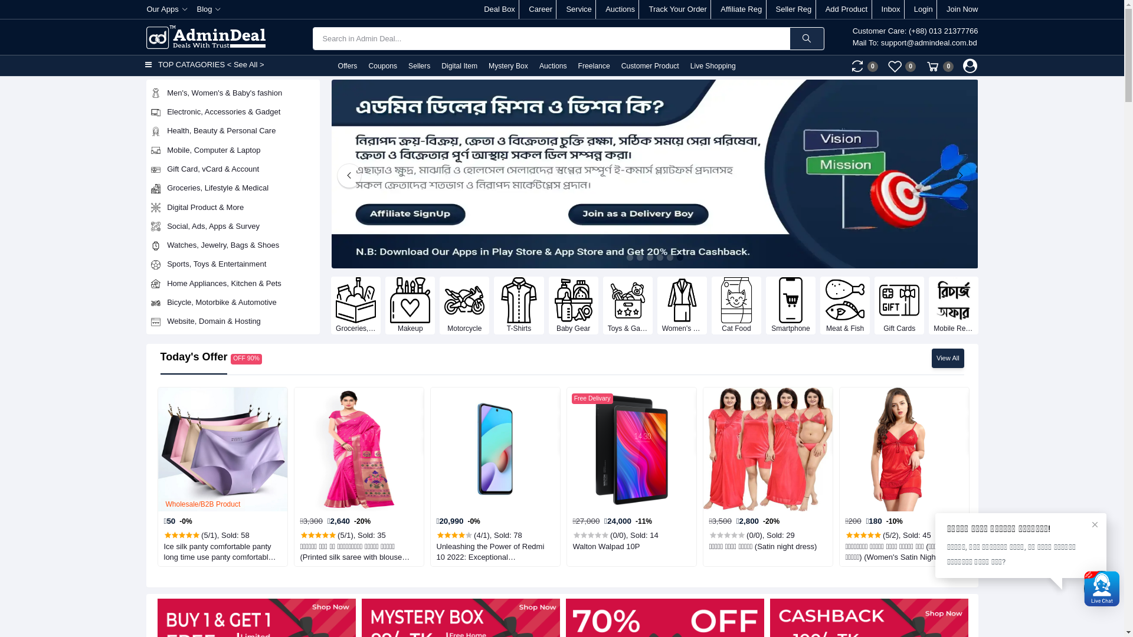 Image resolution: width=1133 pixels, height=637 pixels. I want to click on 'Gift Card, vCard & Account', so click(233, 169).